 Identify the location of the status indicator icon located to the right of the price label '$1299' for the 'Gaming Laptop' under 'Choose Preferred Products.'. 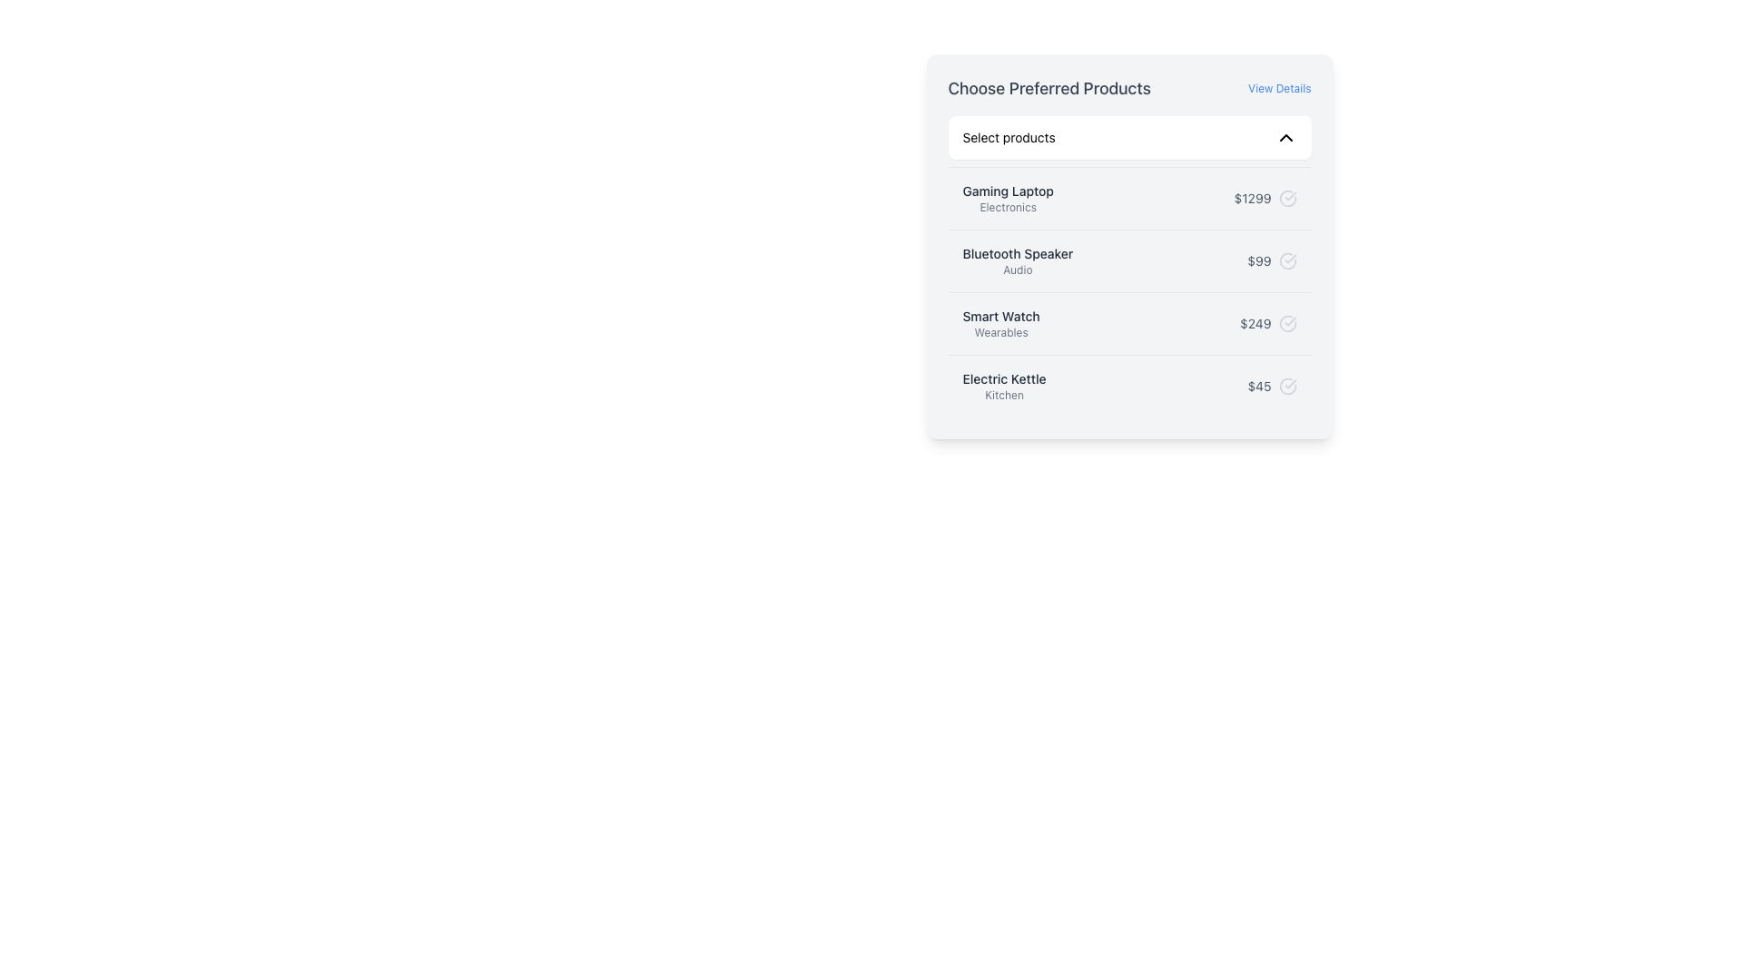
(1286, 199).